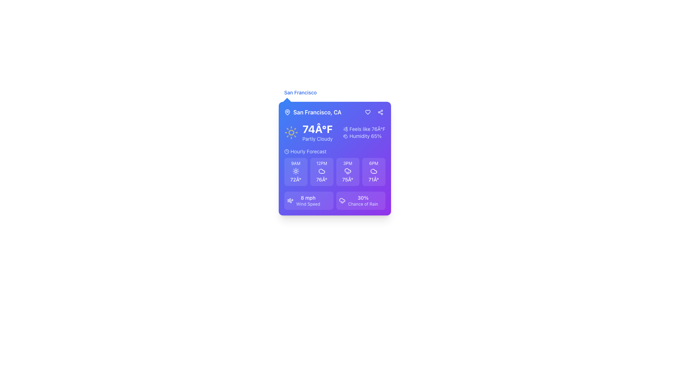 Image resolution: width=674 pixels, height=379 pixels. Describe the element at coordinates (317, 129) in the screenshot. I see `the temperature display element showing '74Â°F' in a large, bold white font against a purple background, located at the top-center of the weather widget` at that location.